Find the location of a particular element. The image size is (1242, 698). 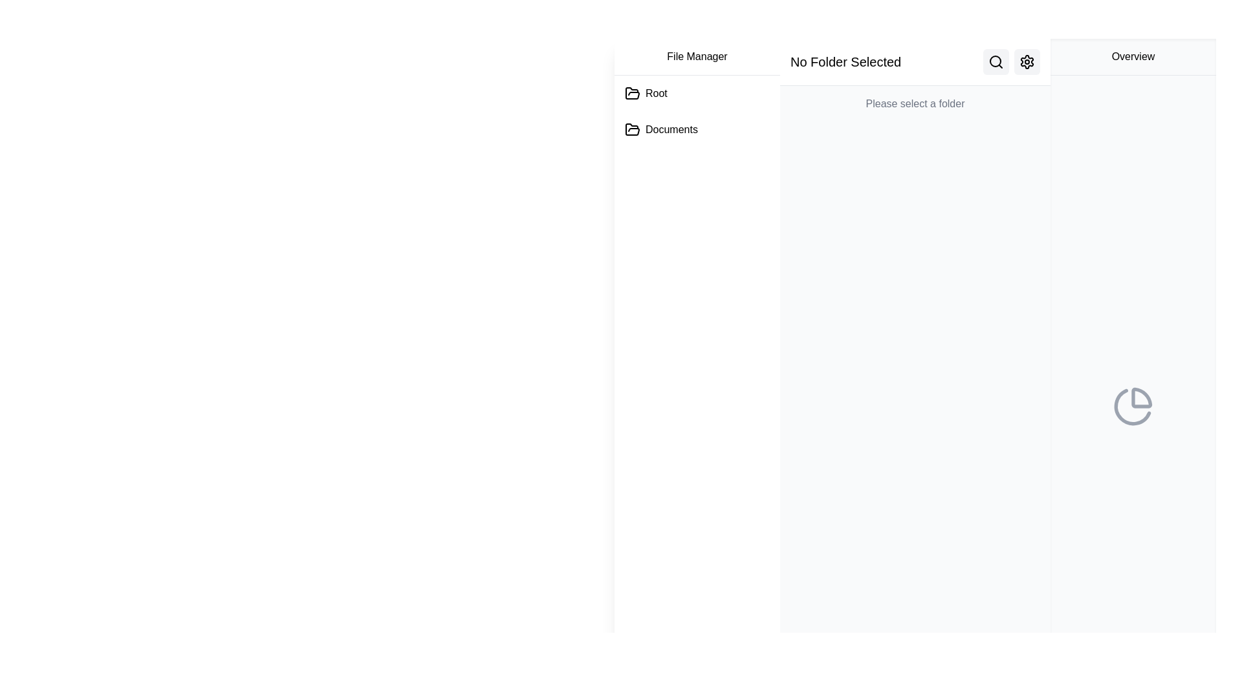

the gear-shaped icon in the top-right corner of the interface is located at coordinates (1027, 62).